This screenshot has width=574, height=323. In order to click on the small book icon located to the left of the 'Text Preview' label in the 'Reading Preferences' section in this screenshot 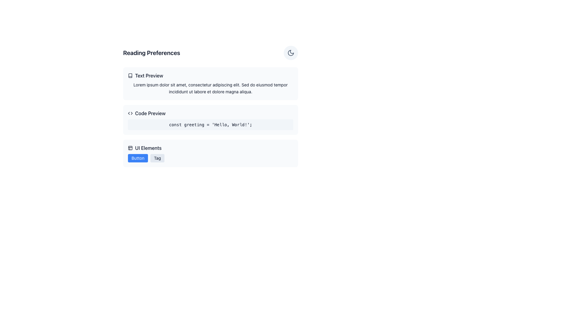, I will do `click(130, 75)`.